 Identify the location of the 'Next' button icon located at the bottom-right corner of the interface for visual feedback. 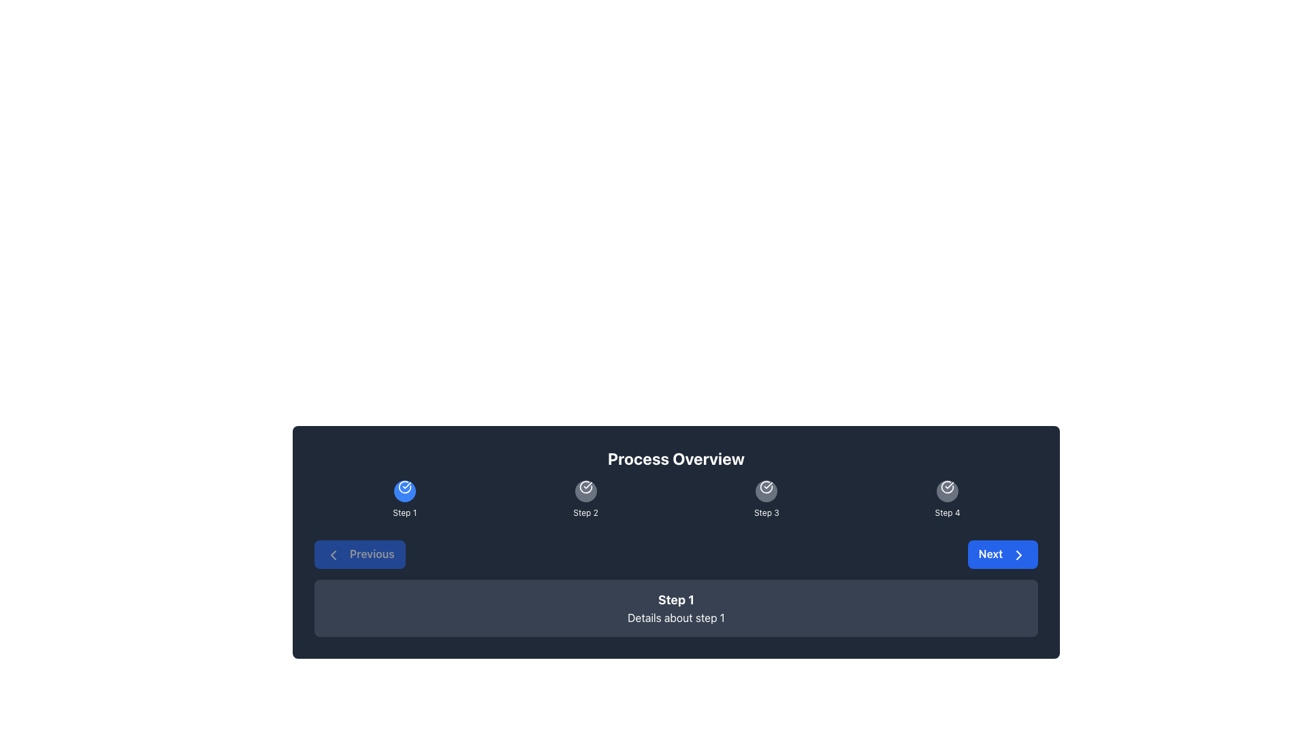
(1019, 554).